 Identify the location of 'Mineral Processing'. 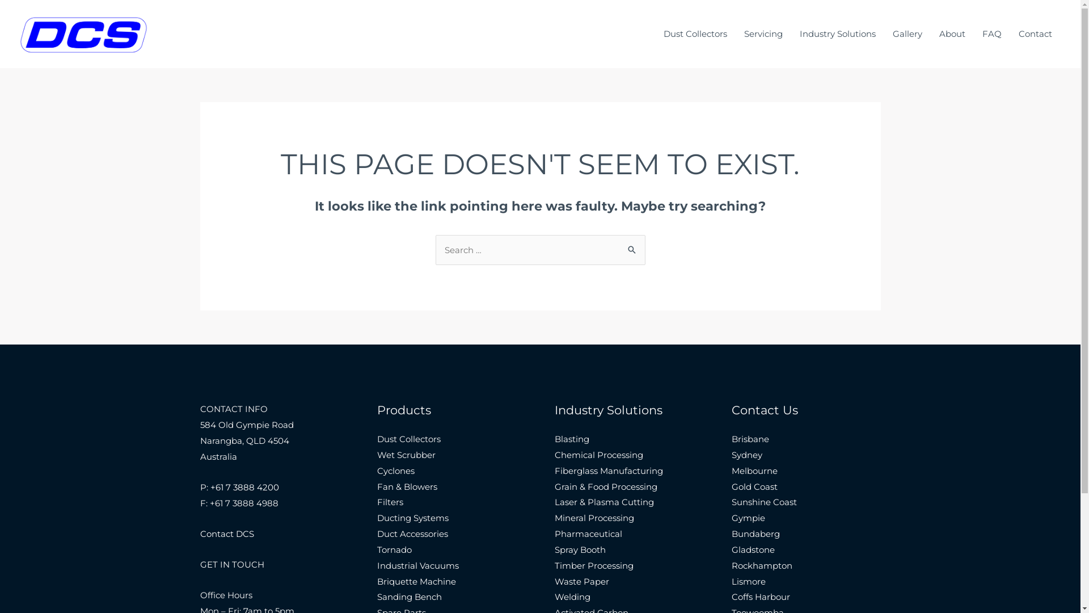
(555, 518).